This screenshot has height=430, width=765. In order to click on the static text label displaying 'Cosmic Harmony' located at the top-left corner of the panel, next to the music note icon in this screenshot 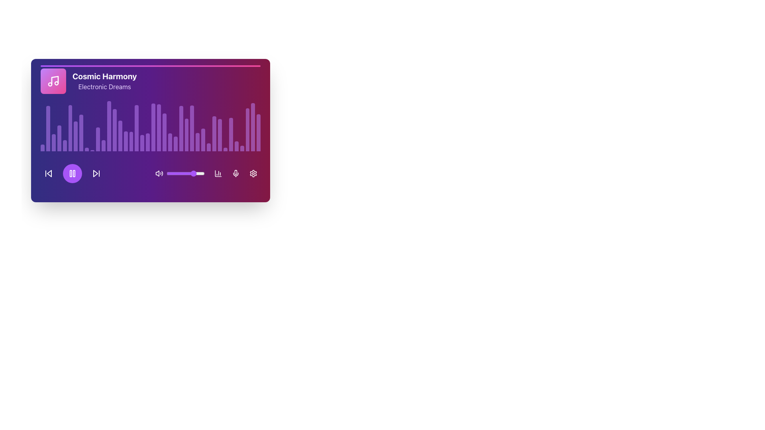, I will do `click(104, 76)`.